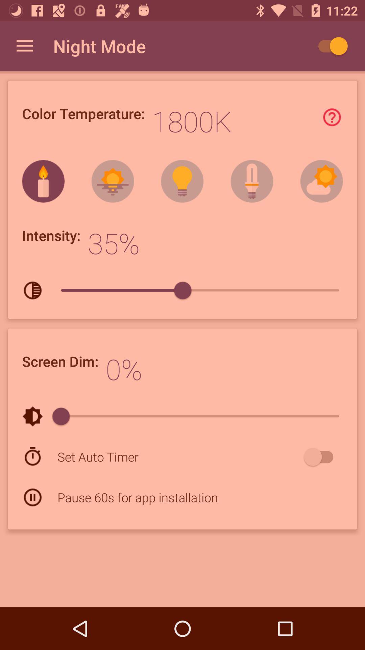 This screenshot has height=650, width=365. What do you see at coordinates (332, 117) in the screenshot?
I see `help` at bounding box center [332, 117].